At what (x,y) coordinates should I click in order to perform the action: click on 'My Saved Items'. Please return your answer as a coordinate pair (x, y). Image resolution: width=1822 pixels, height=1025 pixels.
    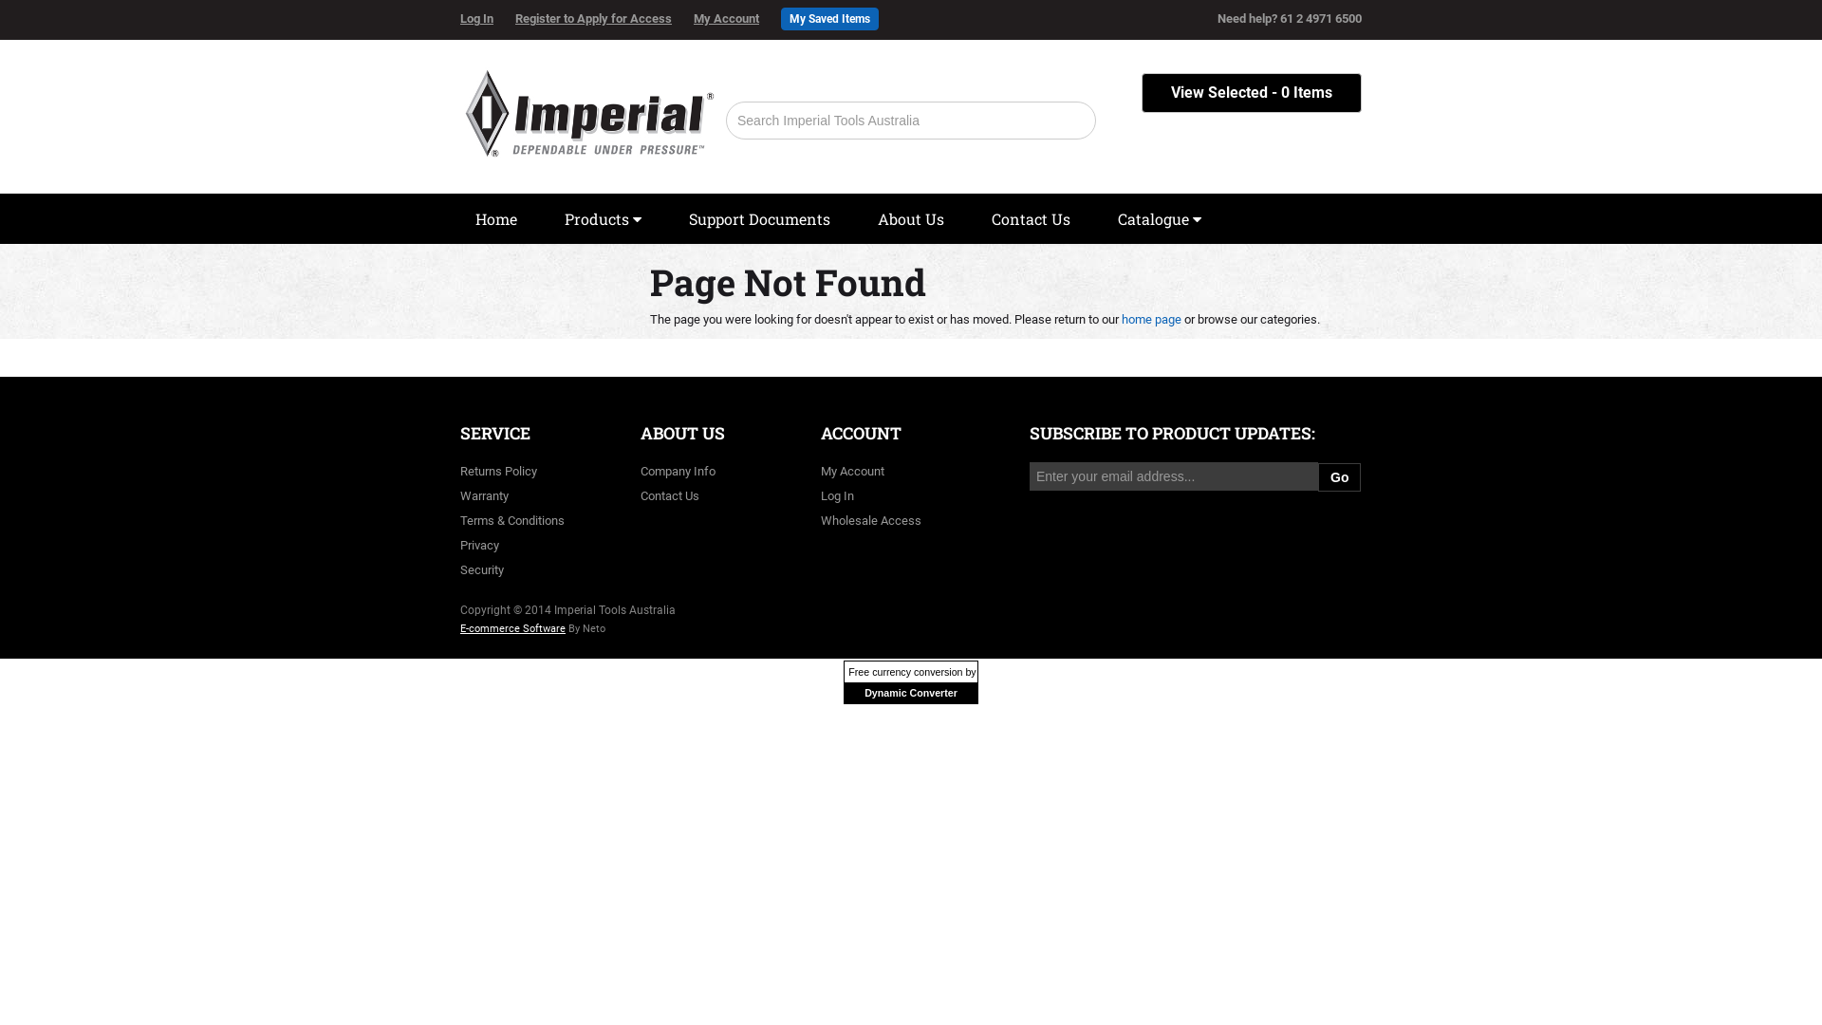
    Looking at the image, I should click on (829, 18).